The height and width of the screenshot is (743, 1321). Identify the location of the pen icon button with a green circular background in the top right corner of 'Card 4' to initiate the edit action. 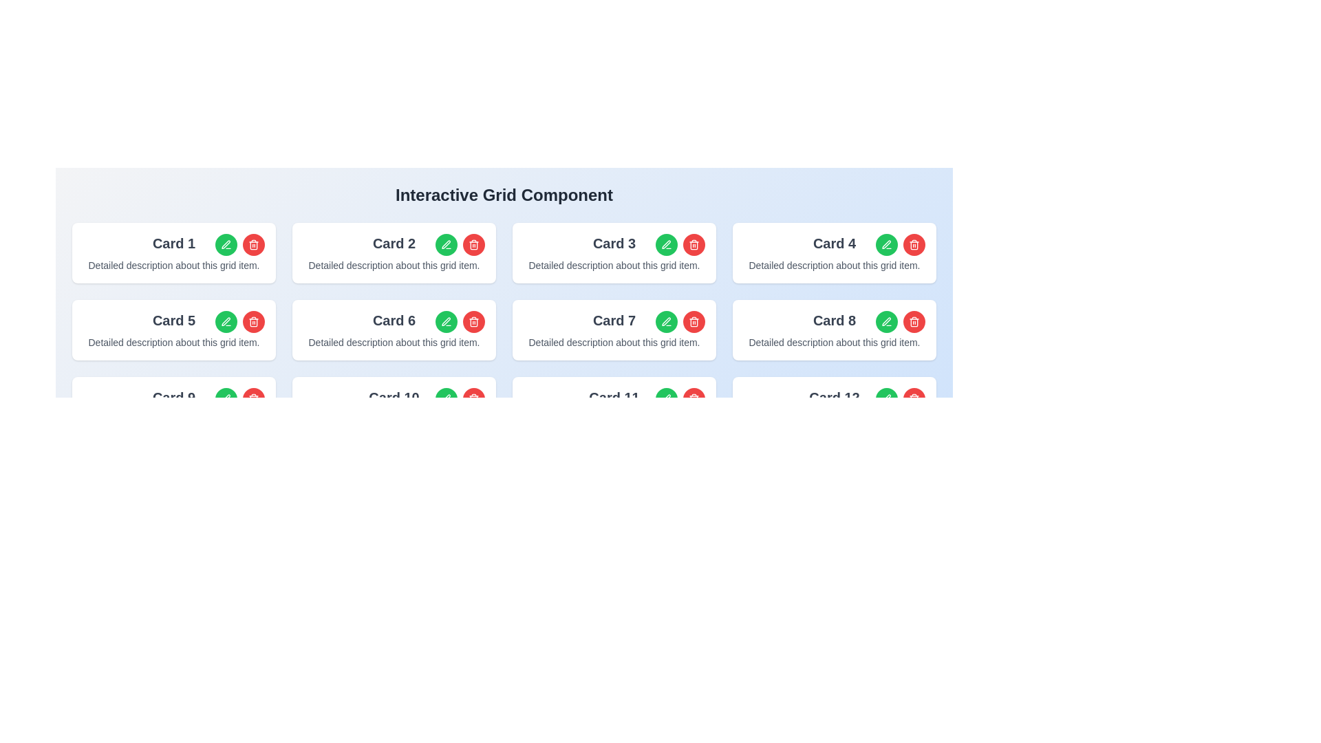
(887, 244).